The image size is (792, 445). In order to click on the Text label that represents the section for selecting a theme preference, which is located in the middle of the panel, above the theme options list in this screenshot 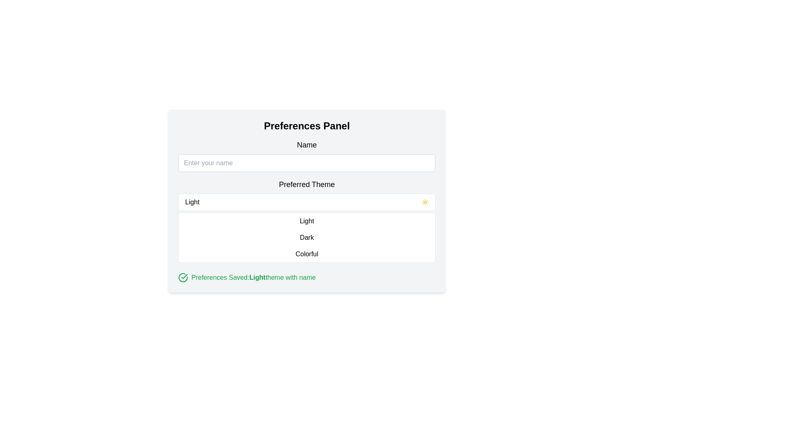, I will do `click(306, 184)`.